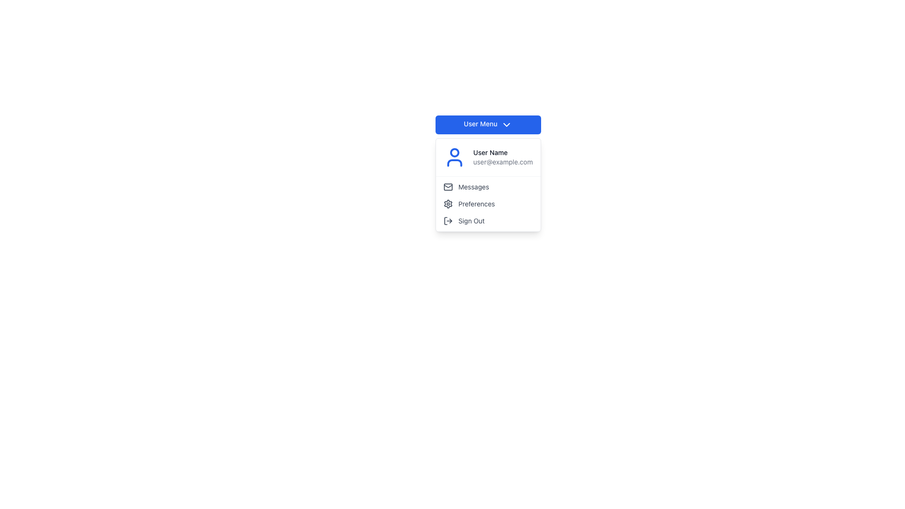 This screenshot has height=509, width=905. I want to click on the logout button located at the bottom of the vertical menu list, positioned under 'Messages' and 'Preferences', so click(488, 221).